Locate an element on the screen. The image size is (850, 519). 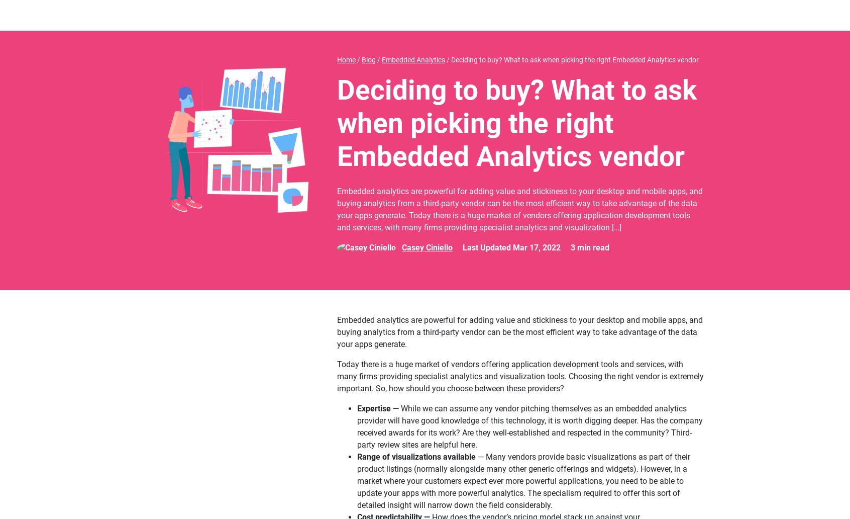
'Demo of Reveal' is located at coordinates (205, 147).